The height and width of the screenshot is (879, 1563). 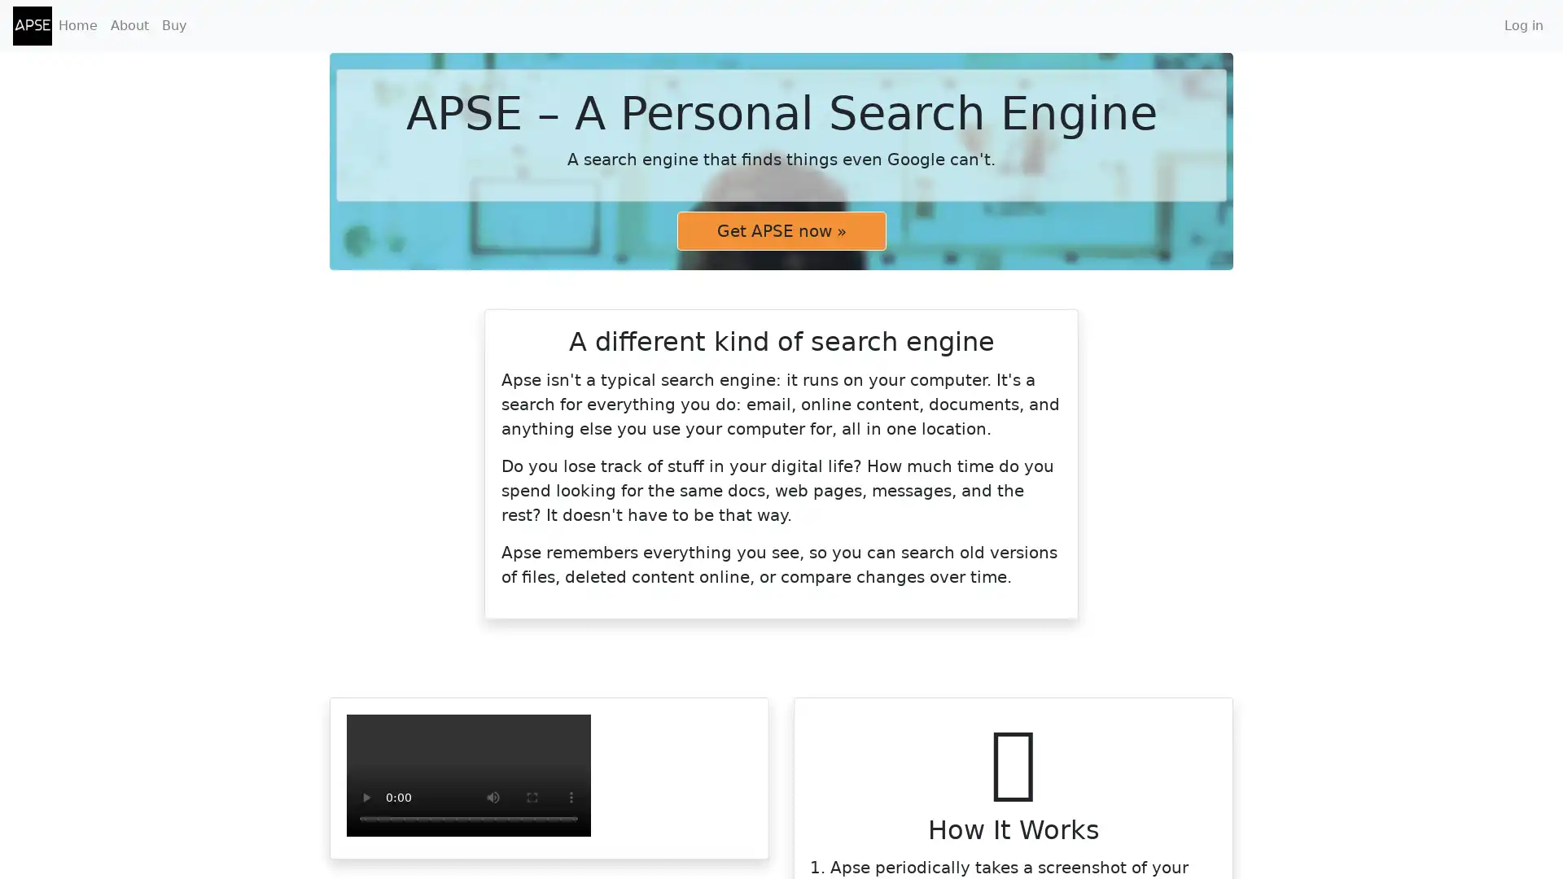 What do you see at coordinates (366, 796) in the screenshot?
I see `play` at bounding box center [366, 796].